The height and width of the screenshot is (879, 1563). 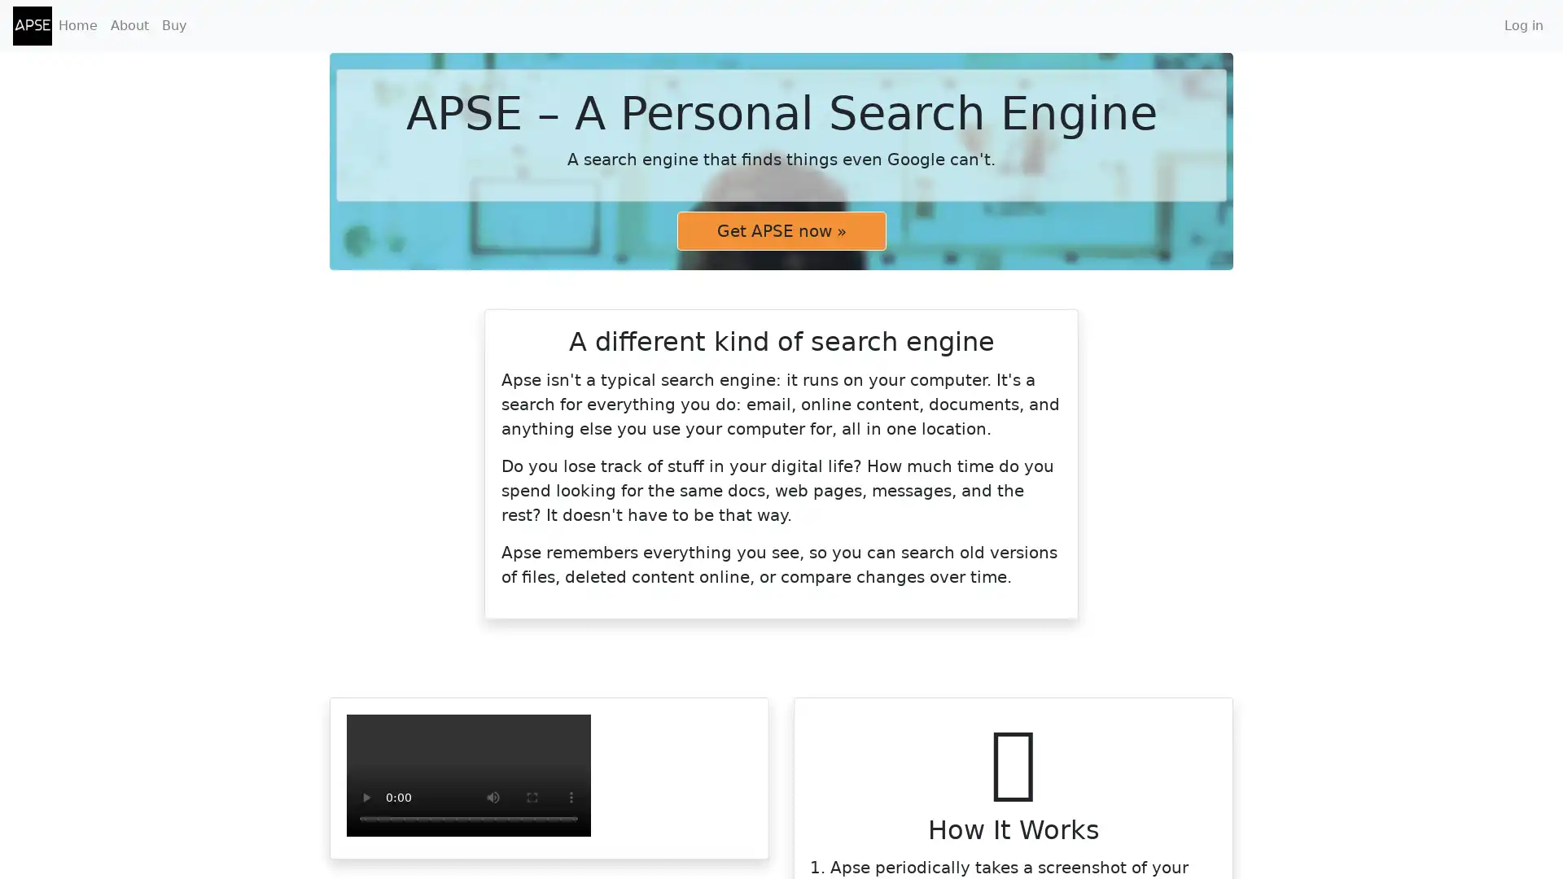 What do you see at coordinates (366, 796) in the screenshot?
I see `play` at bounding box center [366, 796].